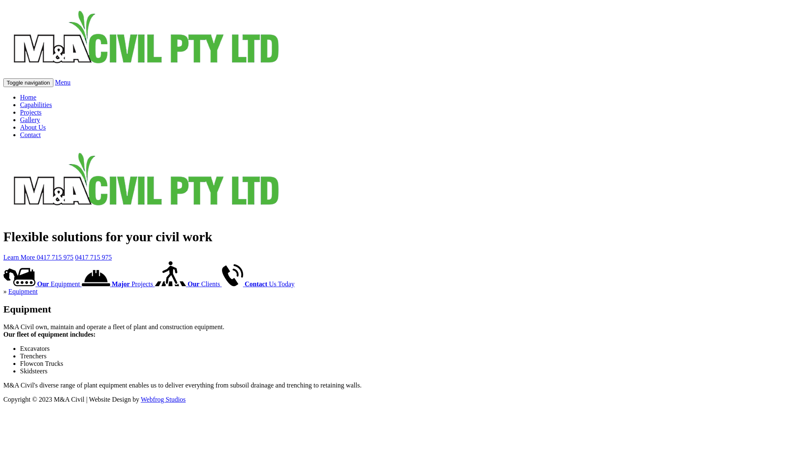 Image resolution: width=801 pixels, height=450 pixels. Describe the element at coordinates (33, 127) in the screenshot. I see `'About Us'` at that location.